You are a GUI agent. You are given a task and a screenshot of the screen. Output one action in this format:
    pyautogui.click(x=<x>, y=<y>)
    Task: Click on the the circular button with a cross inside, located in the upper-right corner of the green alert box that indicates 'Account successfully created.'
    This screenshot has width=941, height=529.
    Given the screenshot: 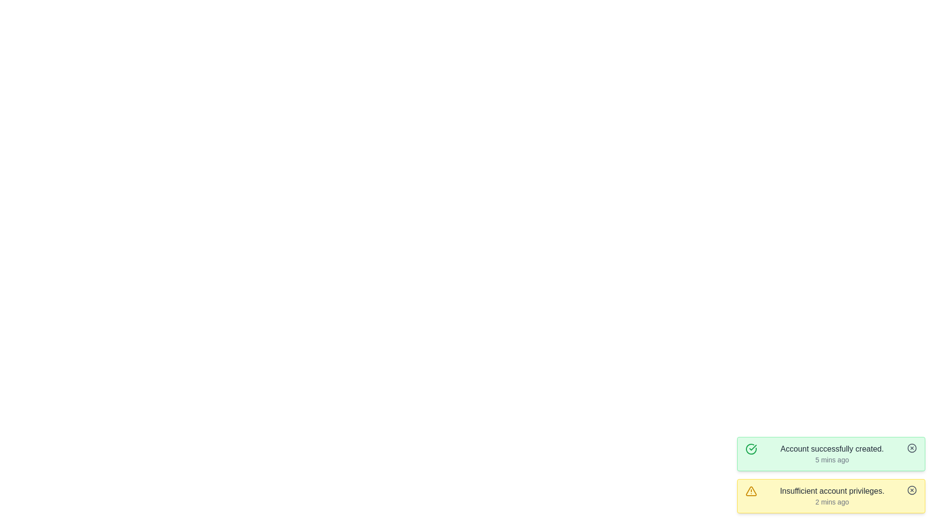 What is the action you would take?
    pyautogui.click(x=912, y=448)
    